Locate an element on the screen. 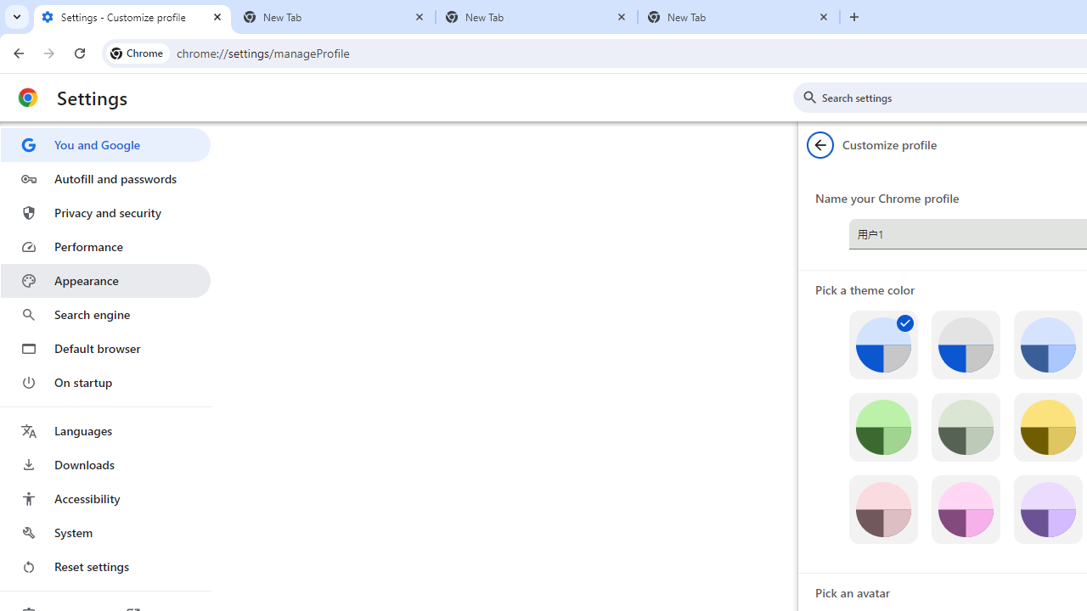 The width and height of the screenshot is (1087, 611). 'Privacy and security' is located at coordinates (104, 211).